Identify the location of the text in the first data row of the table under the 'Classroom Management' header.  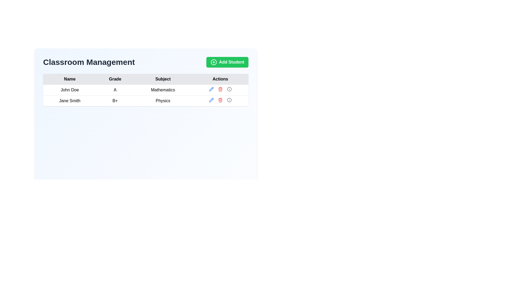
(146, 95).